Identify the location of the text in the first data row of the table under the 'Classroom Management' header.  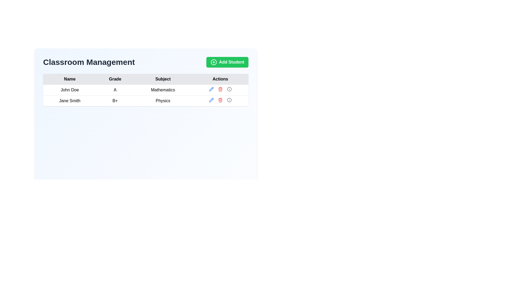
(146, 95).